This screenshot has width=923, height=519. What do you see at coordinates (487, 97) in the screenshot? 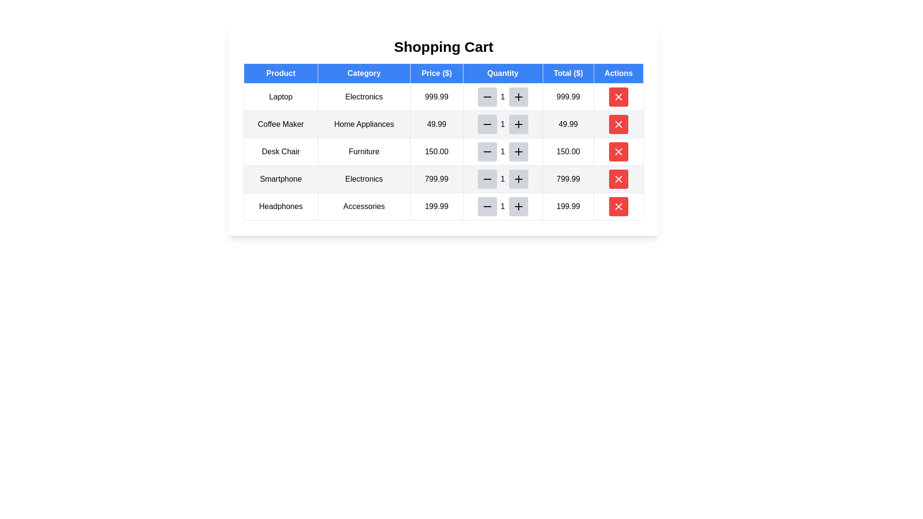
I see `the 'decrease quantity' button in the shopping cart interface to reduce the item's quantity by one` at bounding box center [487, 97].